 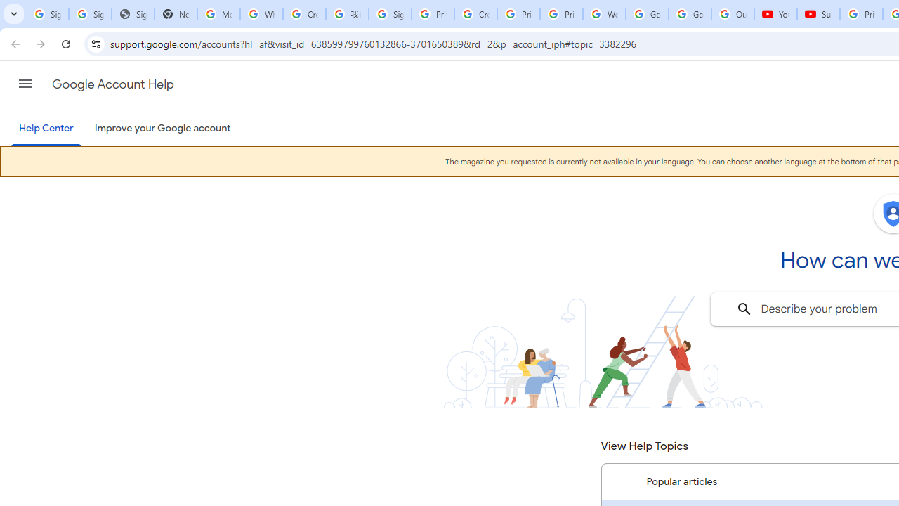 What do you see at coordinates (46, 129) in the screenshot?
I see `'Help Center'` at bounding box center [46, 129].